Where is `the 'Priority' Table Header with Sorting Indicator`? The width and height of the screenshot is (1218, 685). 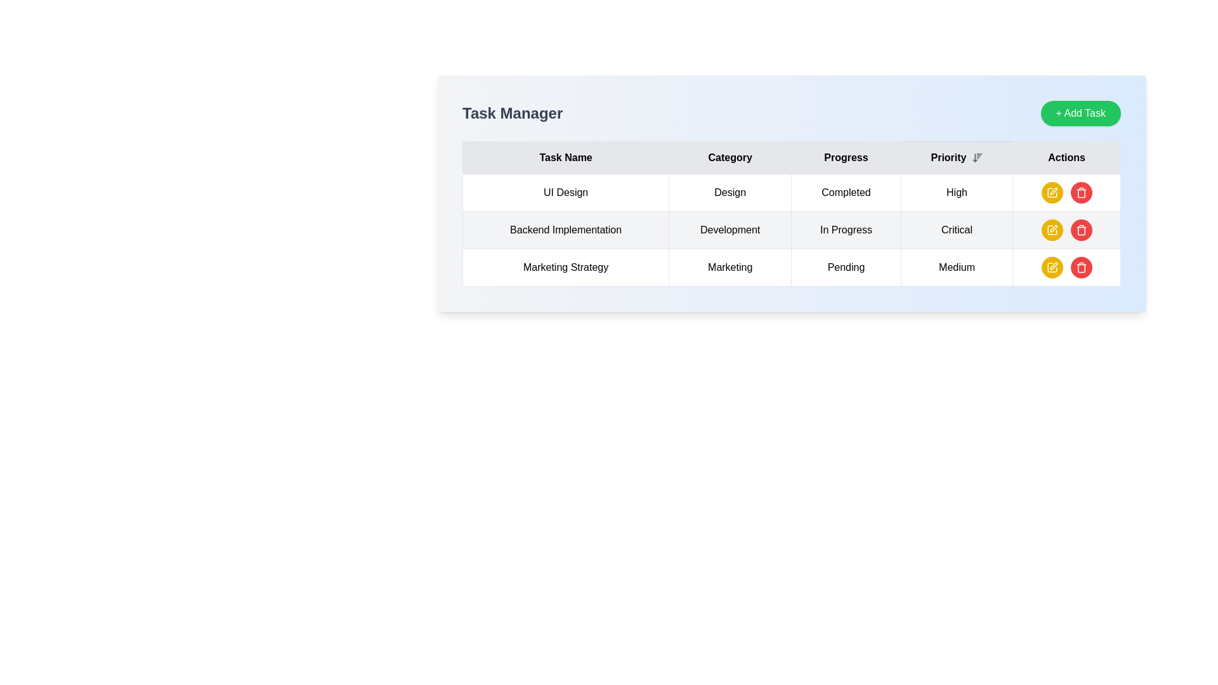
the 'Priority' Table Header with Sorting Indicator is located at coordinates (957, 157).